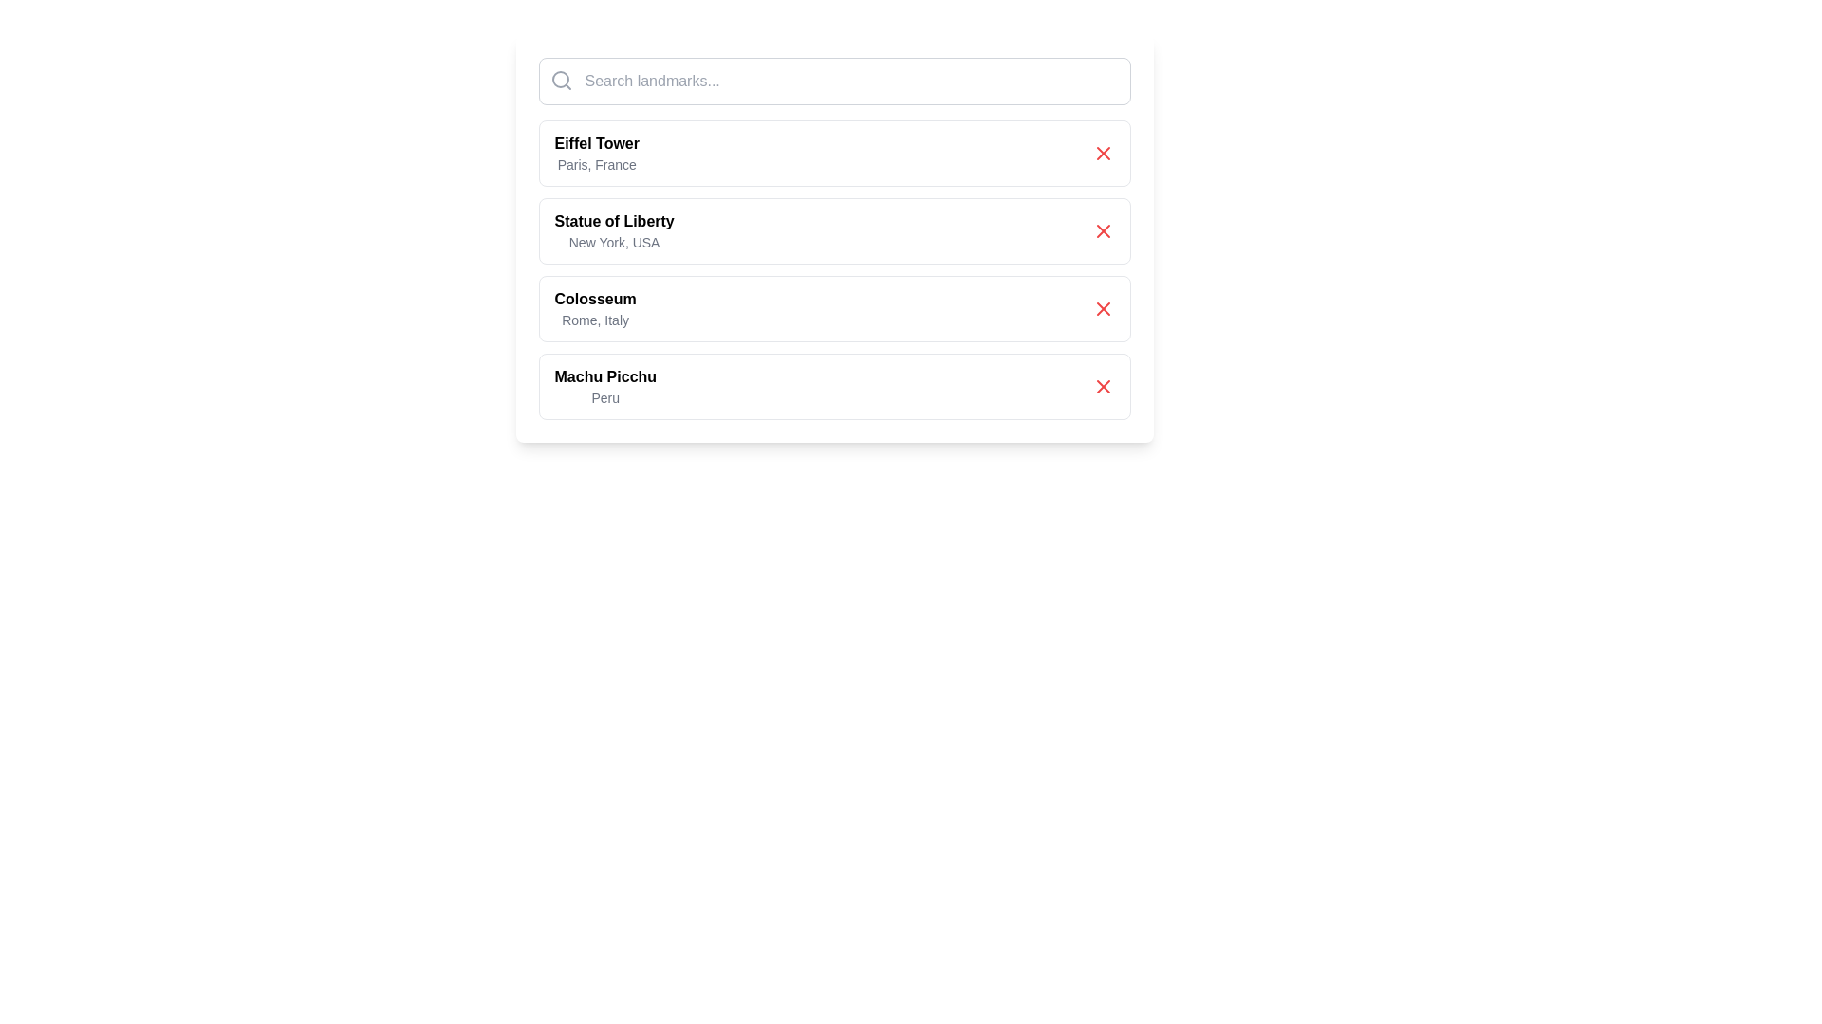 This screenshot has height=1024, width=1822. I want to click on the interactive list item for 'Statue of Liberty', which is the second item in the vertical list of landmarks, positioned below 'Eiffel Tower' and above 'Colosseum', so click(614, 229).